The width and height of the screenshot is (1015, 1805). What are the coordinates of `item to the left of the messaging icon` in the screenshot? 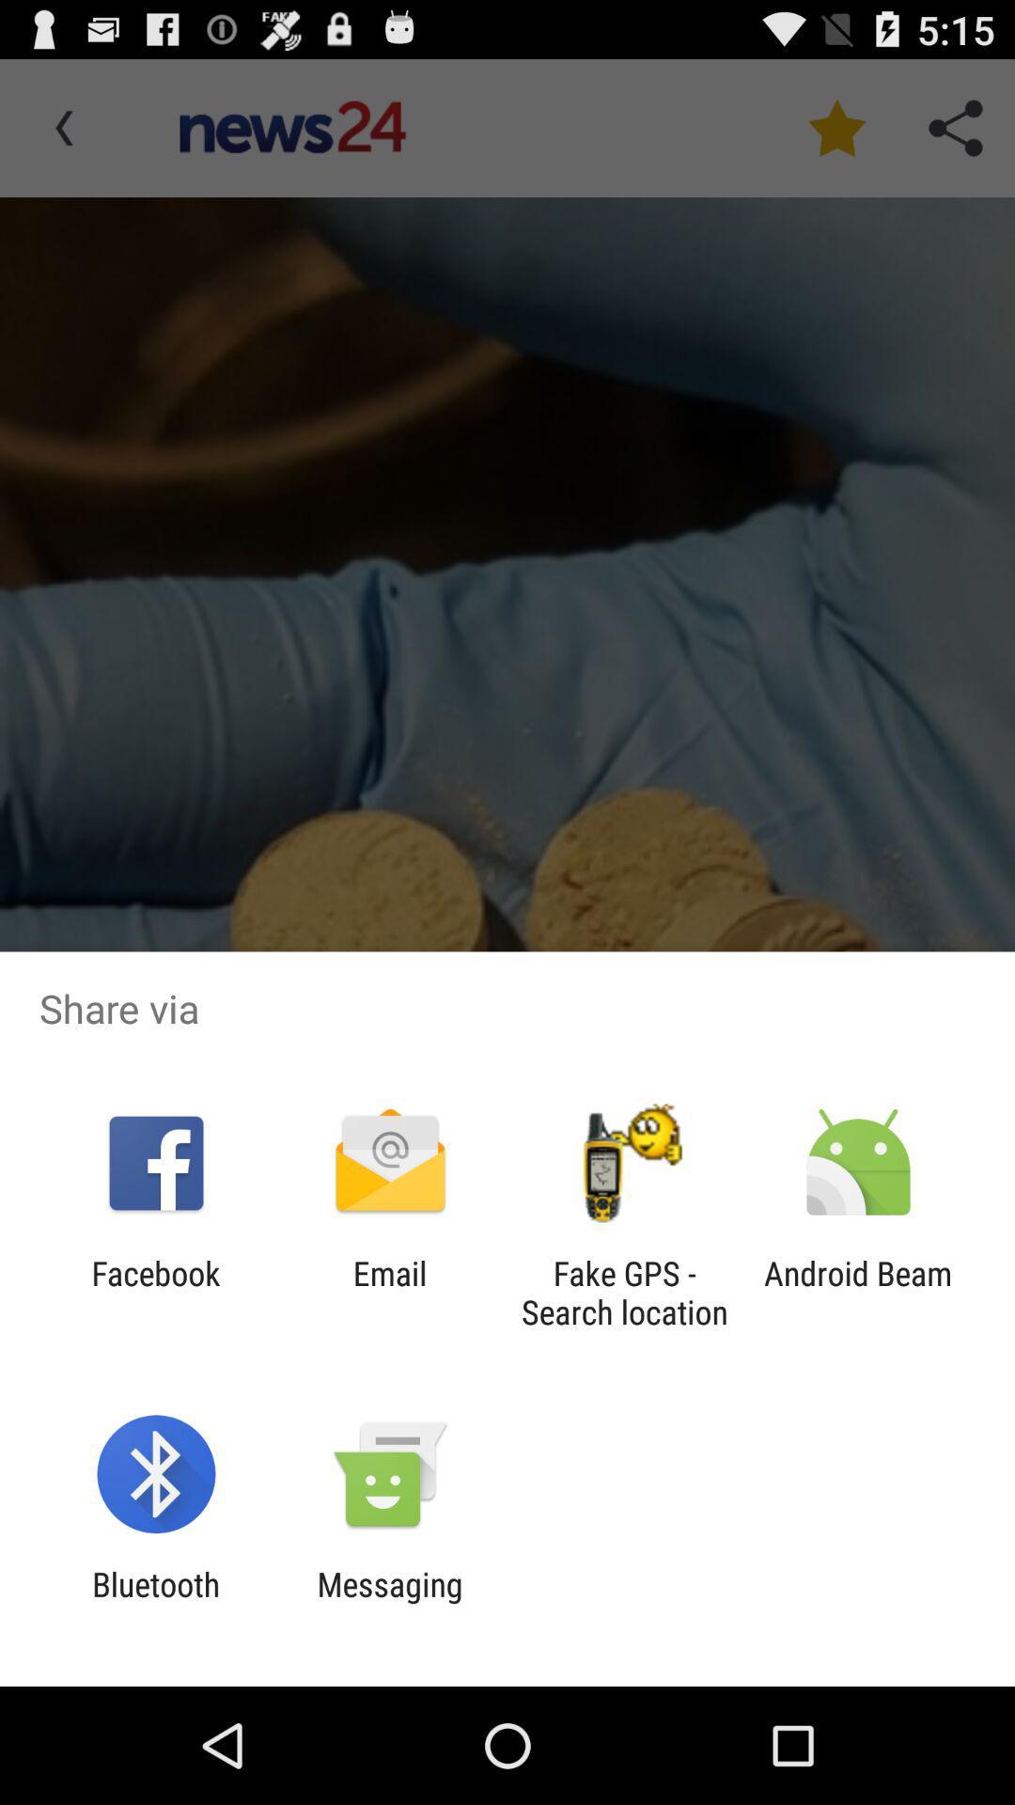 It's located at (155, 1603).